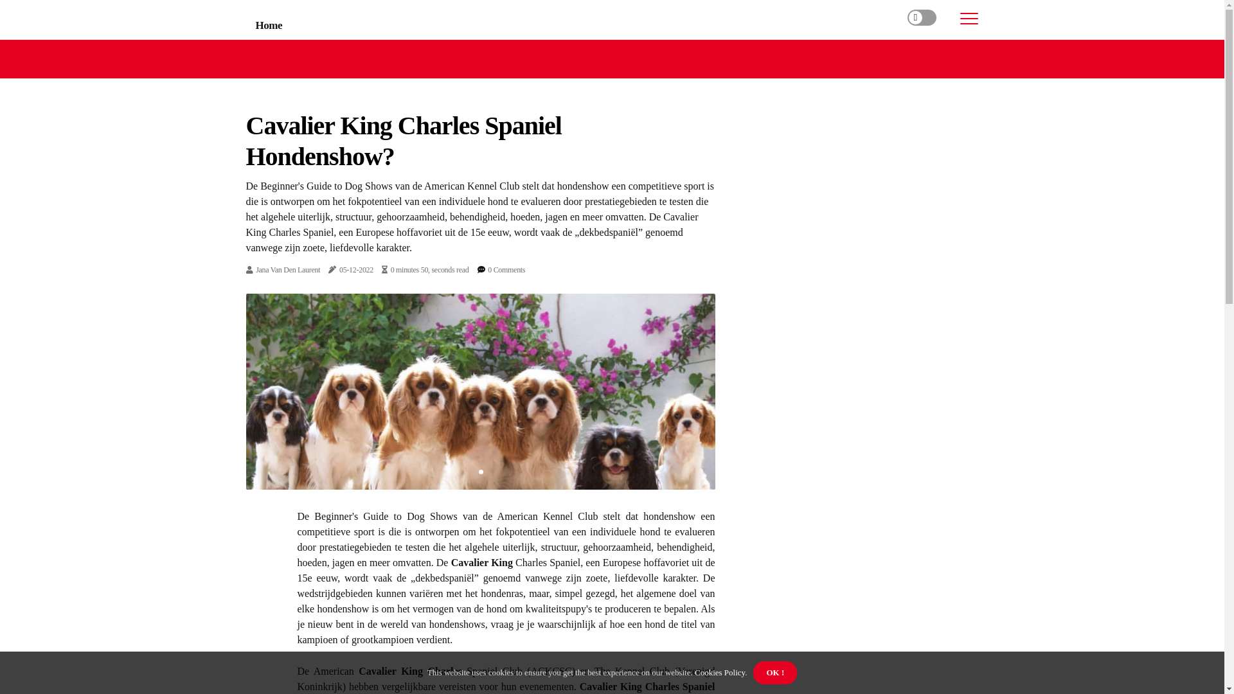  What do you see at coordinates (287, 269) in the screenshot?
I see `'Jana Van Den Laurent'` at bounding box center [287, 269].